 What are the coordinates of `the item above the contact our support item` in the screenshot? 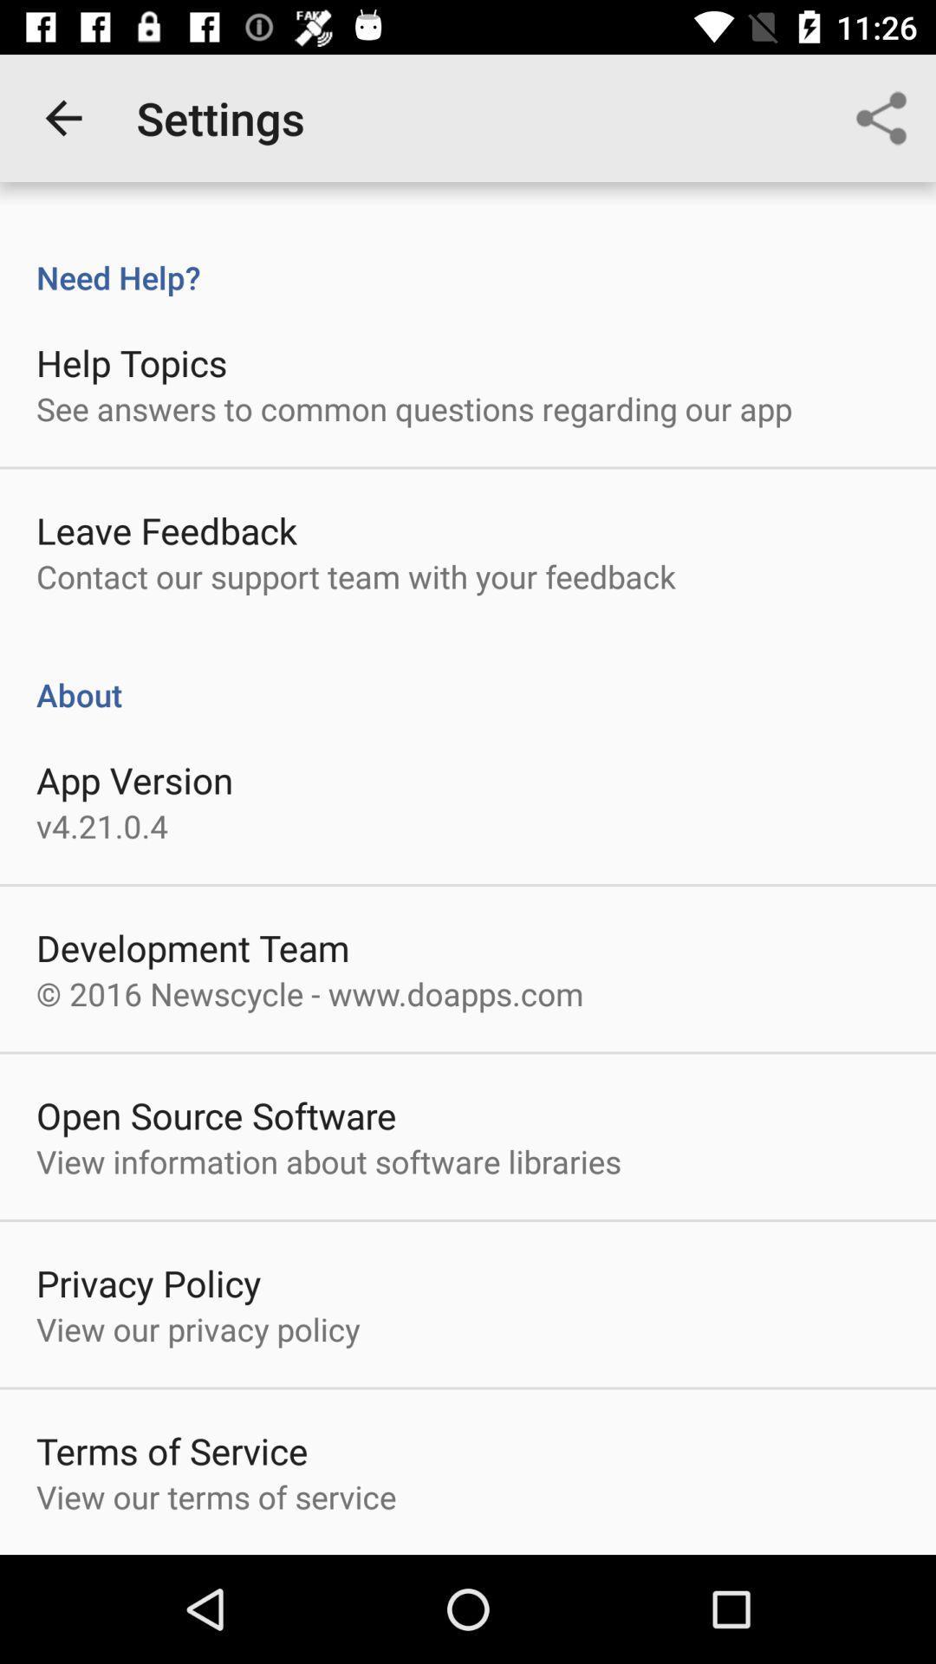 It's located at (166, 530).